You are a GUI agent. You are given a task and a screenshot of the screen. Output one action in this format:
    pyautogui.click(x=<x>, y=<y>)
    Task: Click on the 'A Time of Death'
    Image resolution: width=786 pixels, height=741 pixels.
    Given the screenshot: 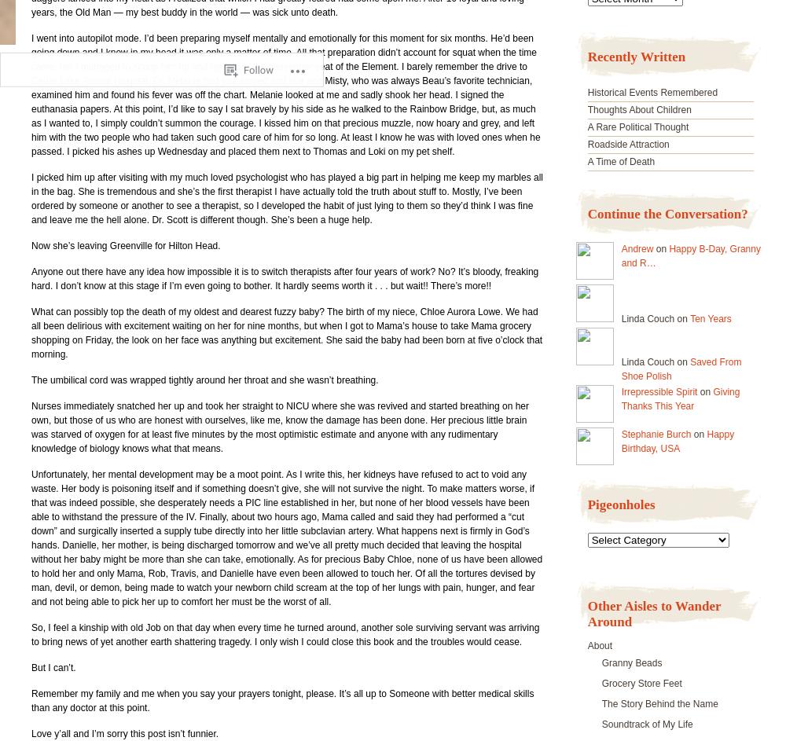 What is the action you would take?
    pyautogui.click(x=621, y=161)
    